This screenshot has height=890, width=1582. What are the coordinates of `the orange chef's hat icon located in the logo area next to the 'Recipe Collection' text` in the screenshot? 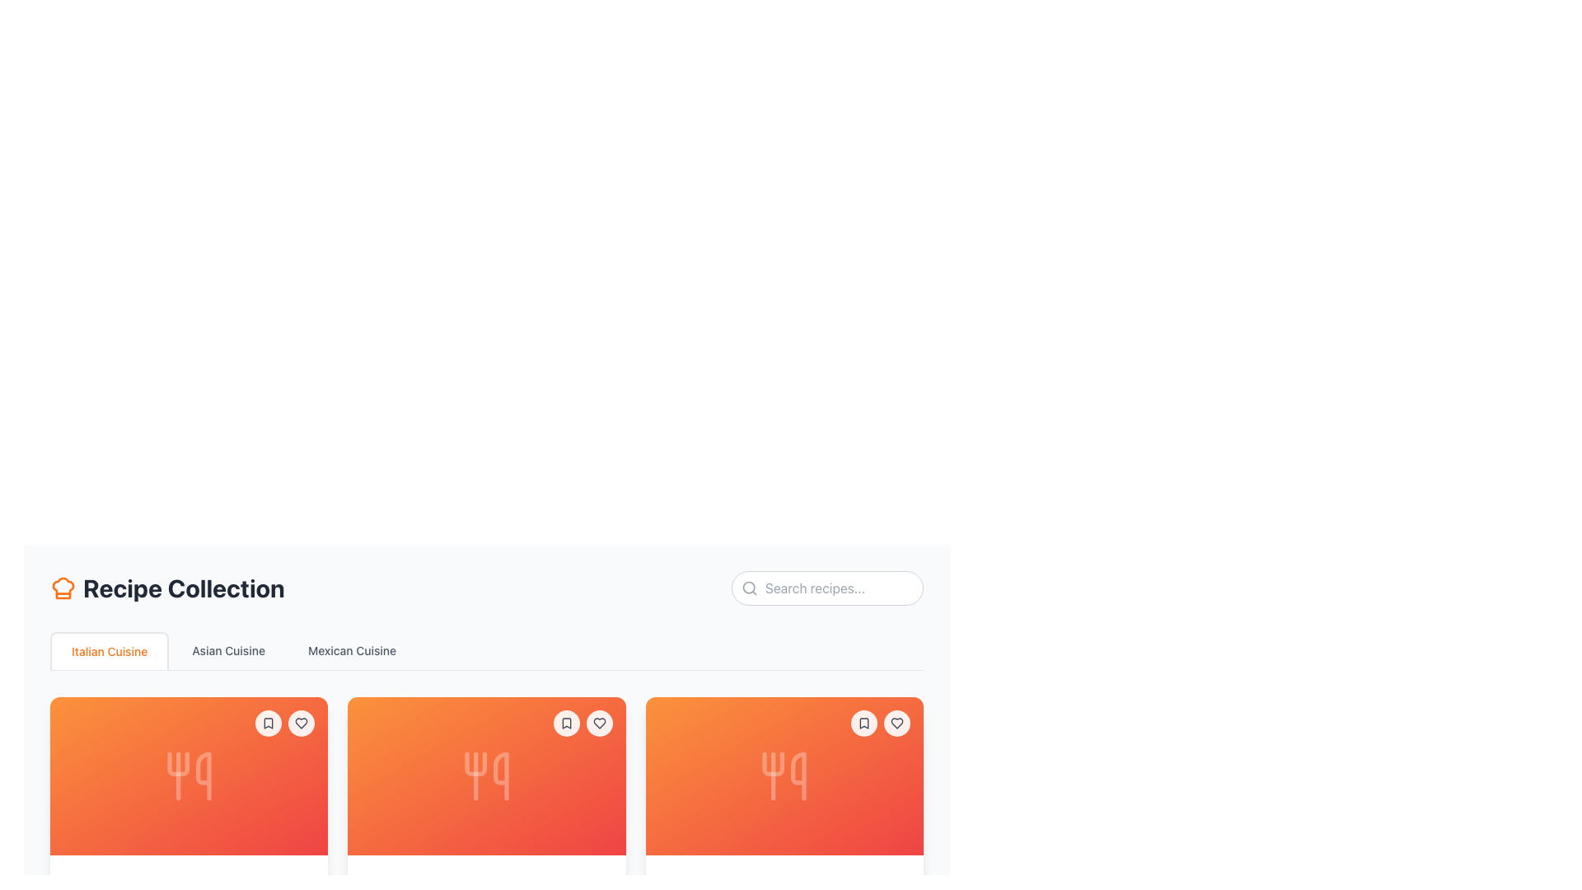 It's located at (63, 587).